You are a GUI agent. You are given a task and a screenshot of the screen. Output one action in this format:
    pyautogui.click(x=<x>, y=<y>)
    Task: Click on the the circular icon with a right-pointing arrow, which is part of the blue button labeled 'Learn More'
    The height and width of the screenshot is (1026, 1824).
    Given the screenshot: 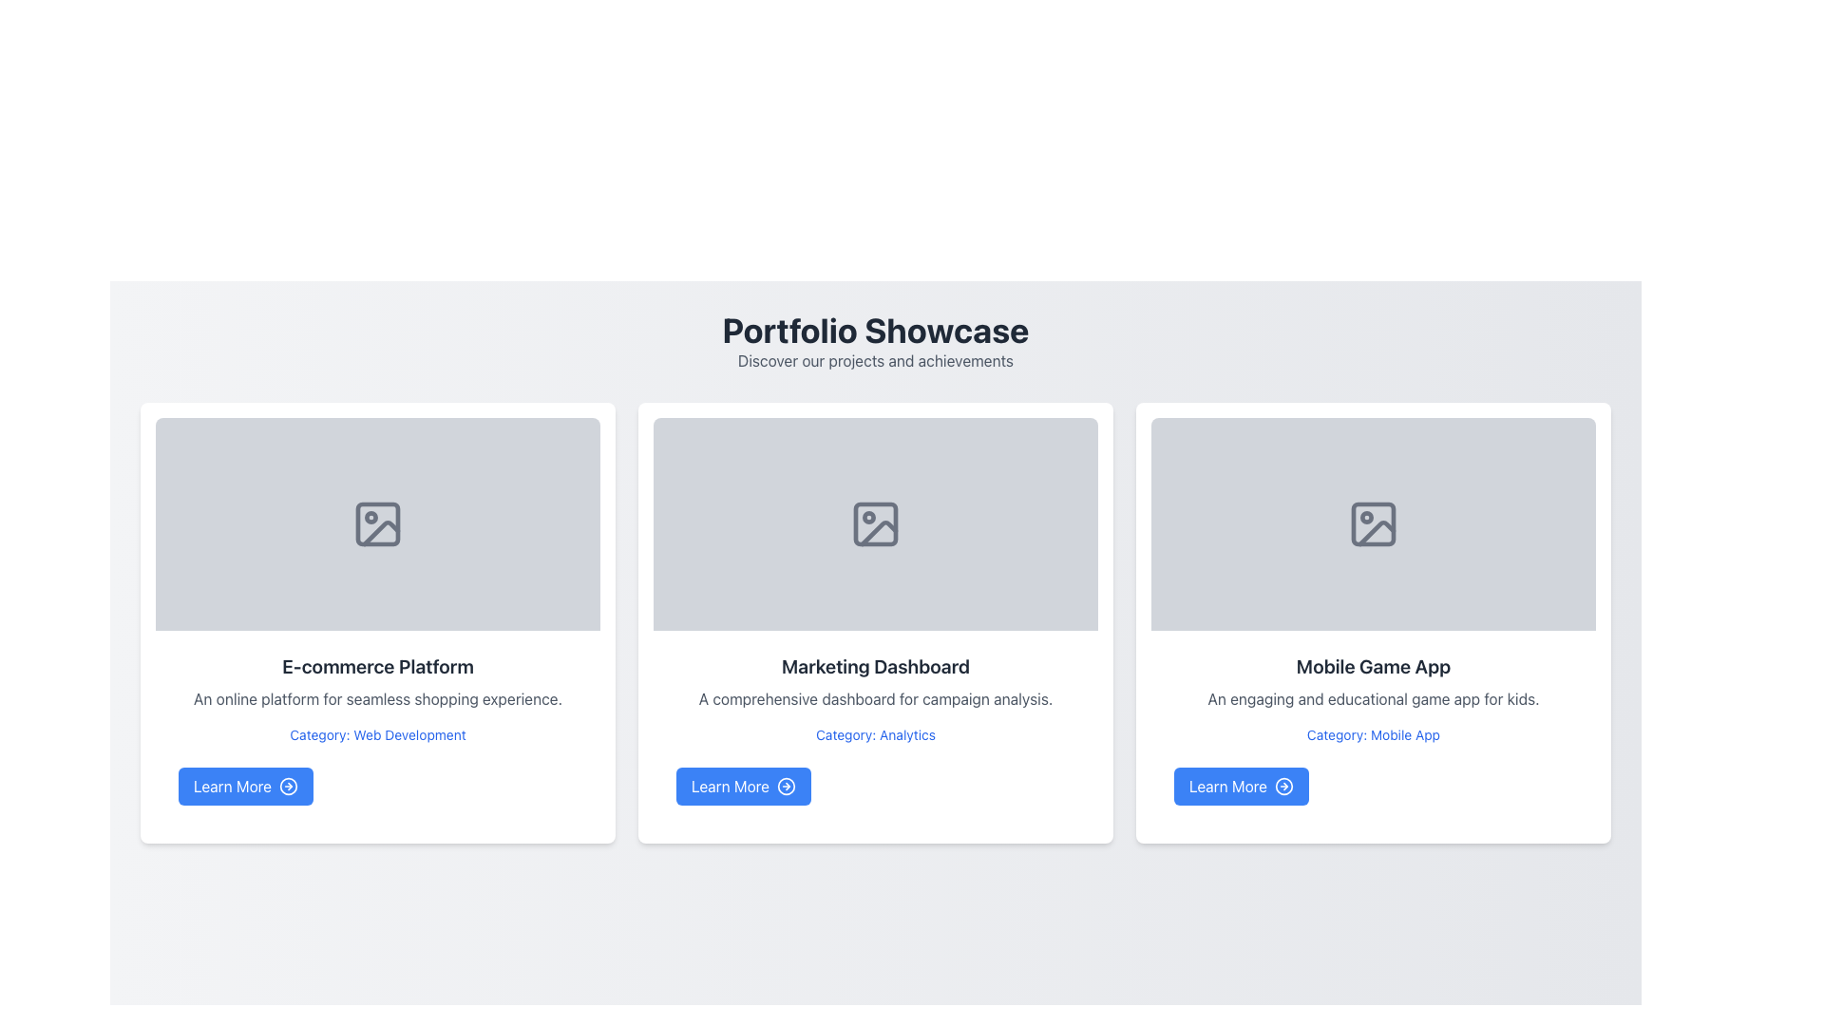 What is the action you would take?
    pyautogui.click(x=288, y=787)
    